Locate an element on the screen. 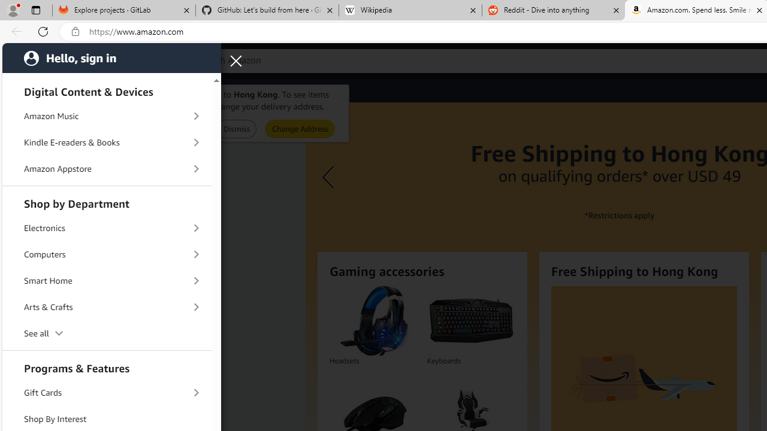  'Shop by Department' is located at coordinates (107, 202).